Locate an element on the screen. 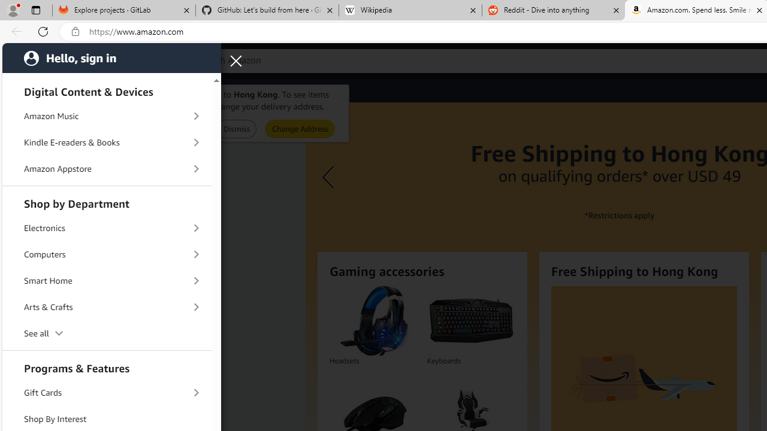  'Shop by Department' is located at coordinates (107, 202).